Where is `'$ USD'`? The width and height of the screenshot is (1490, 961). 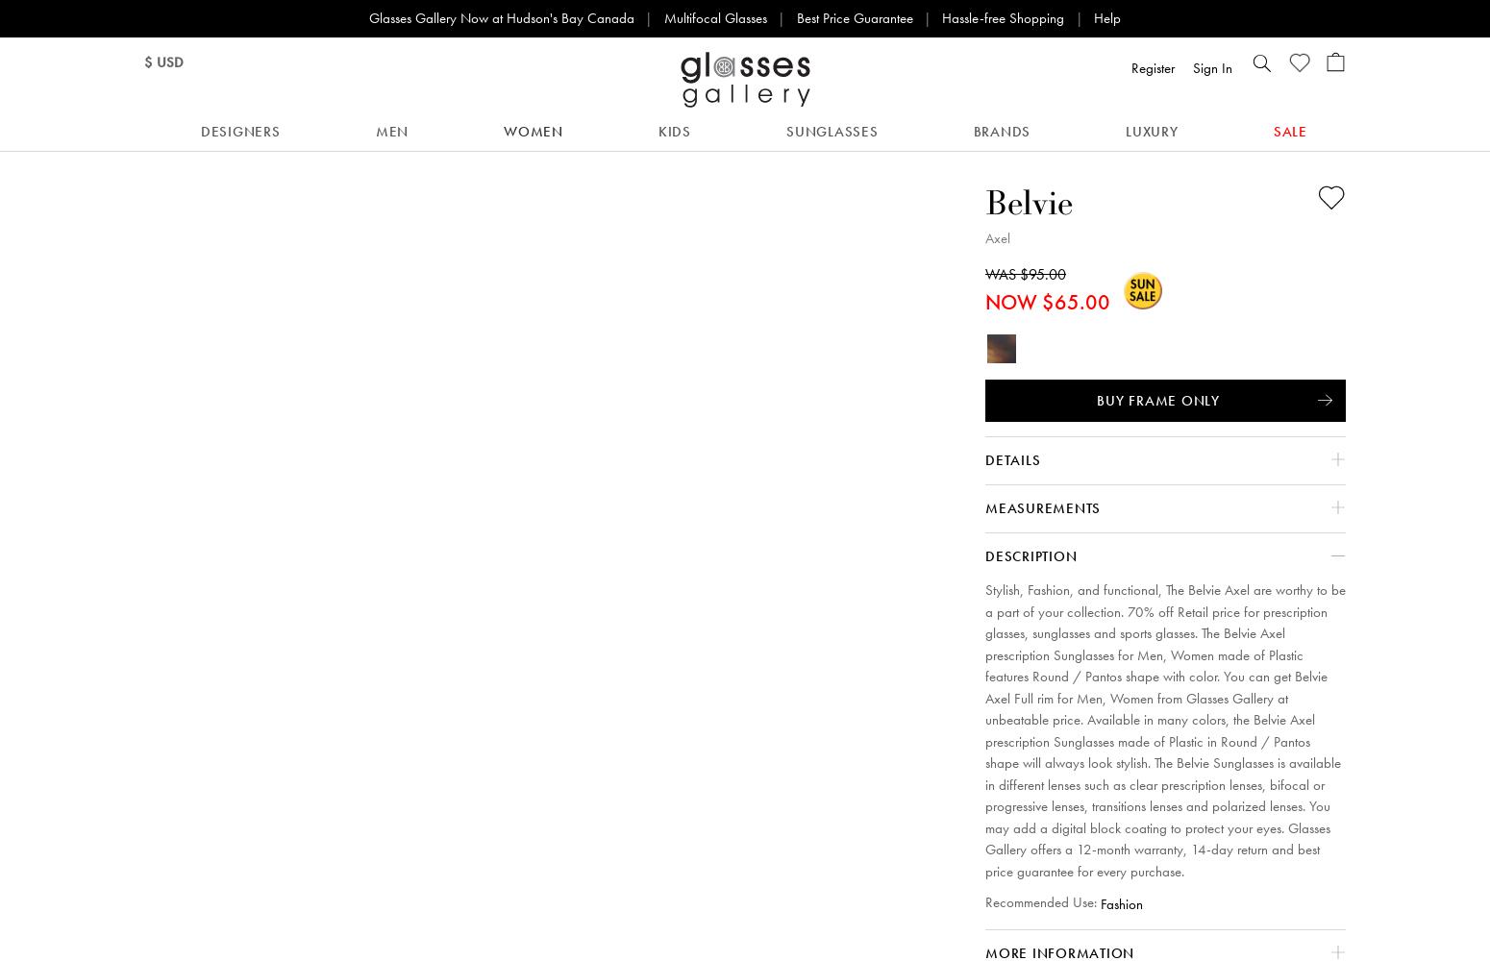 '$ USD' is located at coordinates (162, 61).